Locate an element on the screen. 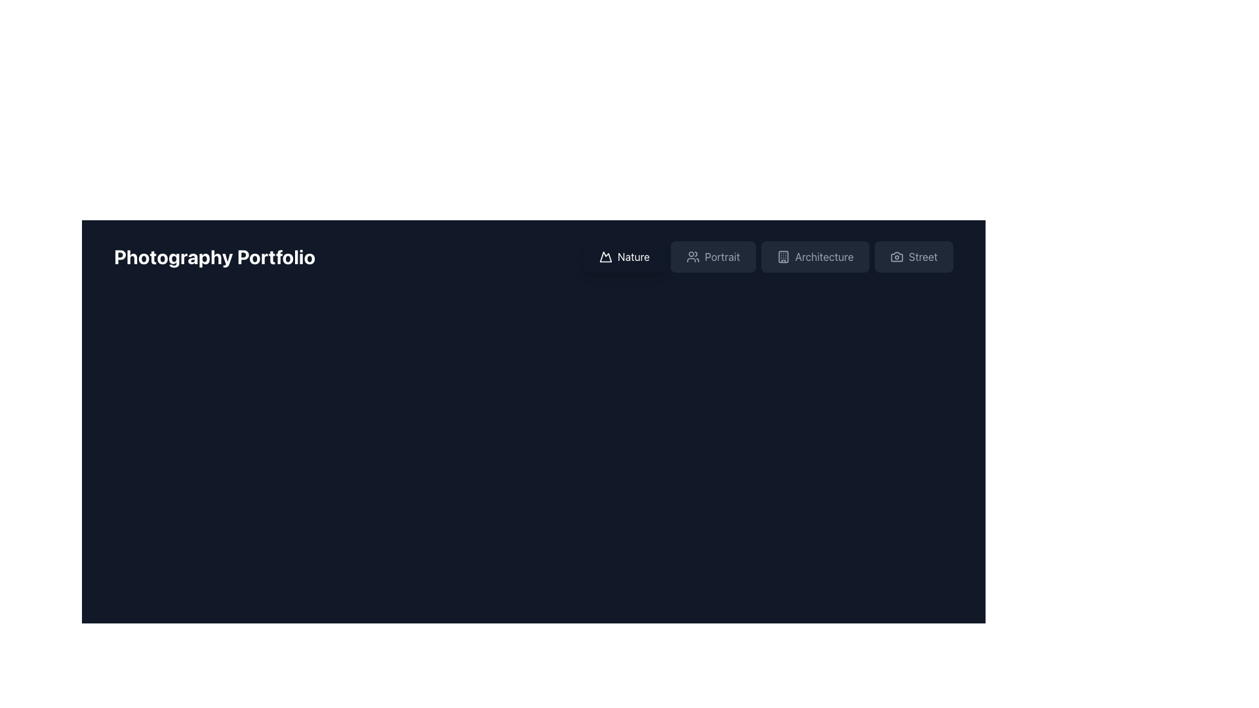 Image resolution: width=1259 pixels, height=708 pixels. the 'Architecture' button is located at coordinates (768, 257).